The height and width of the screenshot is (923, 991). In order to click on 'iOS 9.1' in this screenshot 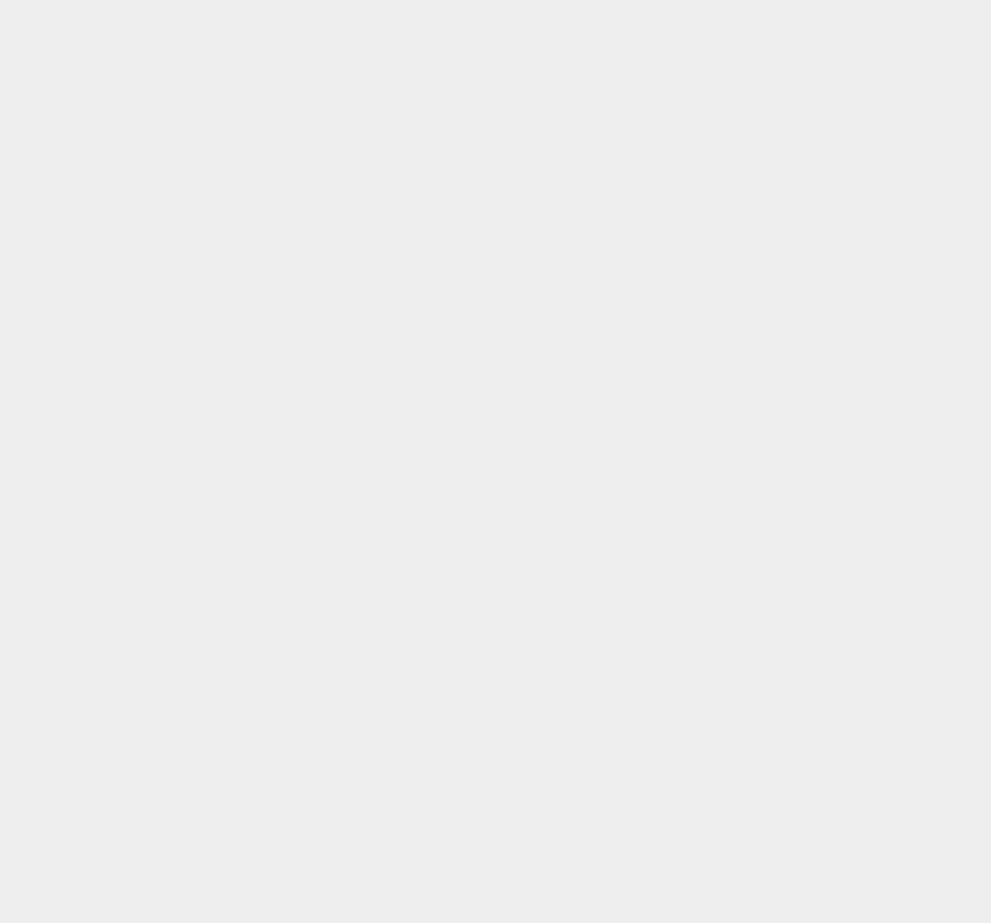, I will do `click(719, 785)`.